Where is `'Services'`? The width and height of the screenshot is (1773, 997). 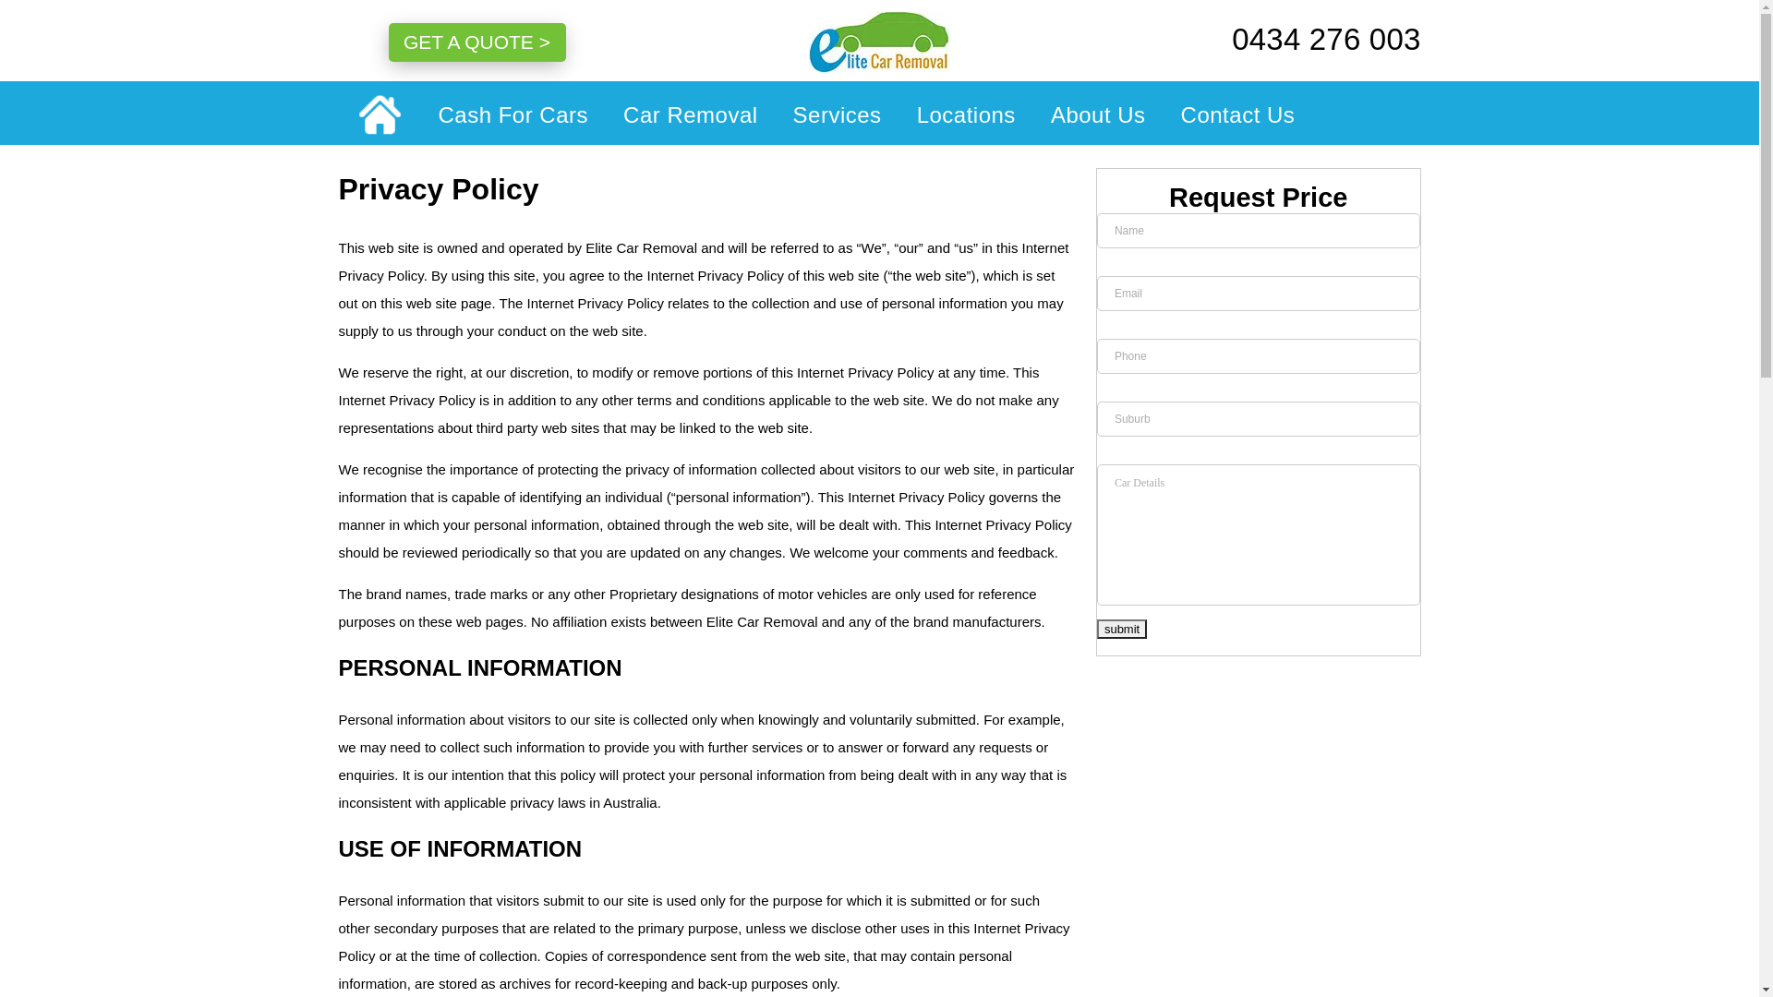
'Services' is located at coordinates (837, 113).